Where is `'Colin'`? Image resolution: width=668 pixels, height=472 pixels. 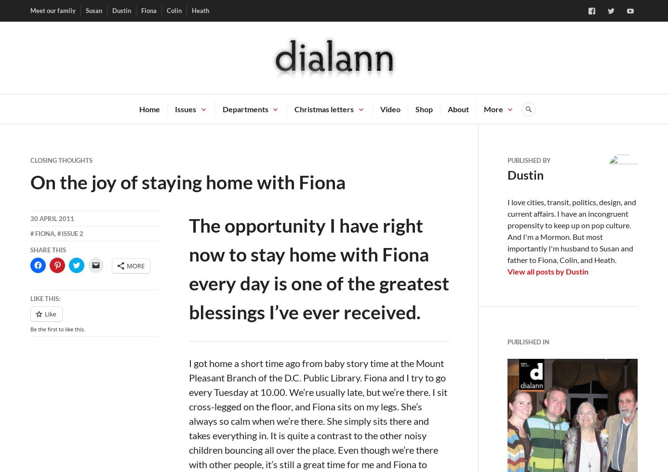 'Colin' is located at coordinates (174, 10).